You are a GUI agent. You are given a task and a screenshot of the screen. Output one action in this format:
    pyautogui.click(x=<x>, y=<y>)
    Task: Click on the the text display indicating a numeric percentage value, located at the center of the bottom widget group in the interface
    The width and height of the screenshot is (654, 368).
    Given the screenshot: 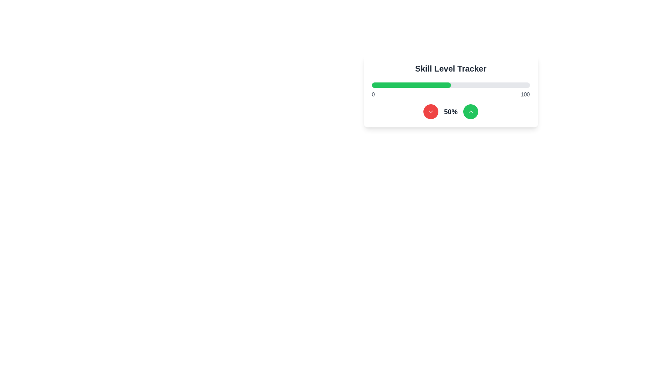 What is the action you would take?
    pyautogui.click(x=451, y=111)
    